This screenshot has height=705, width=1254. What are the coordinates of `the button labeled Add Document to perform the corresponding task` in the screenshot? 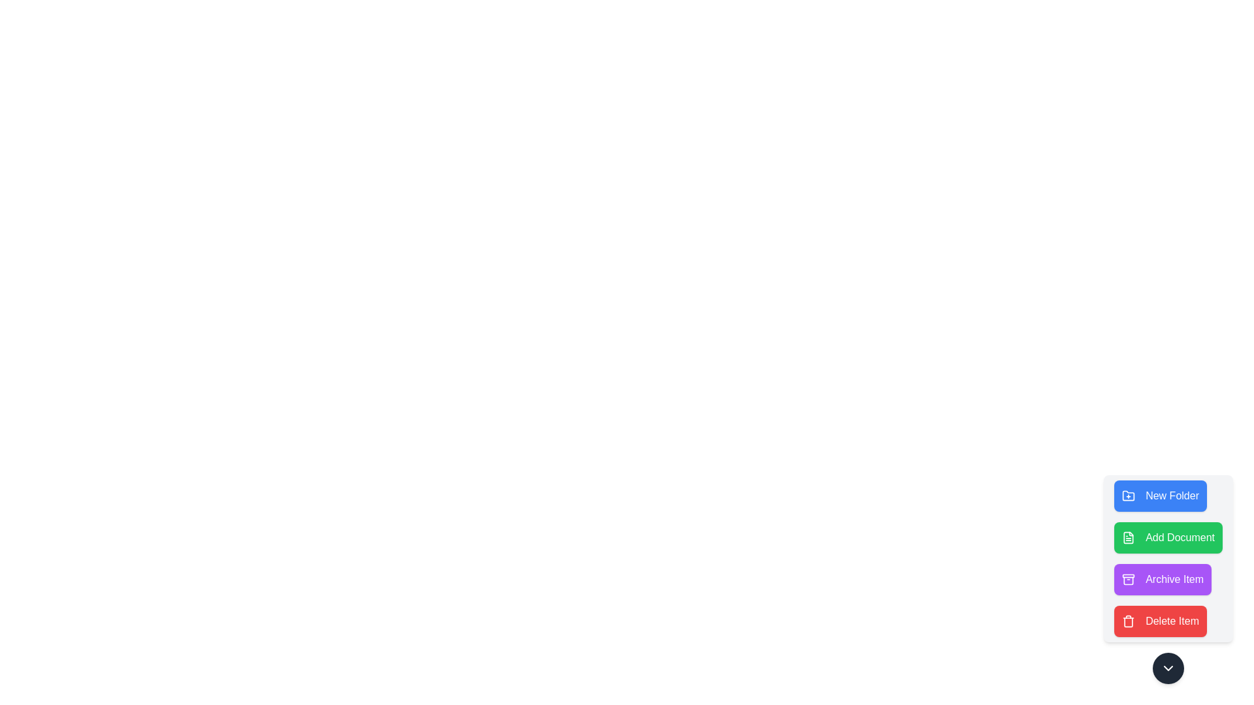 It's located at (1168, 538).